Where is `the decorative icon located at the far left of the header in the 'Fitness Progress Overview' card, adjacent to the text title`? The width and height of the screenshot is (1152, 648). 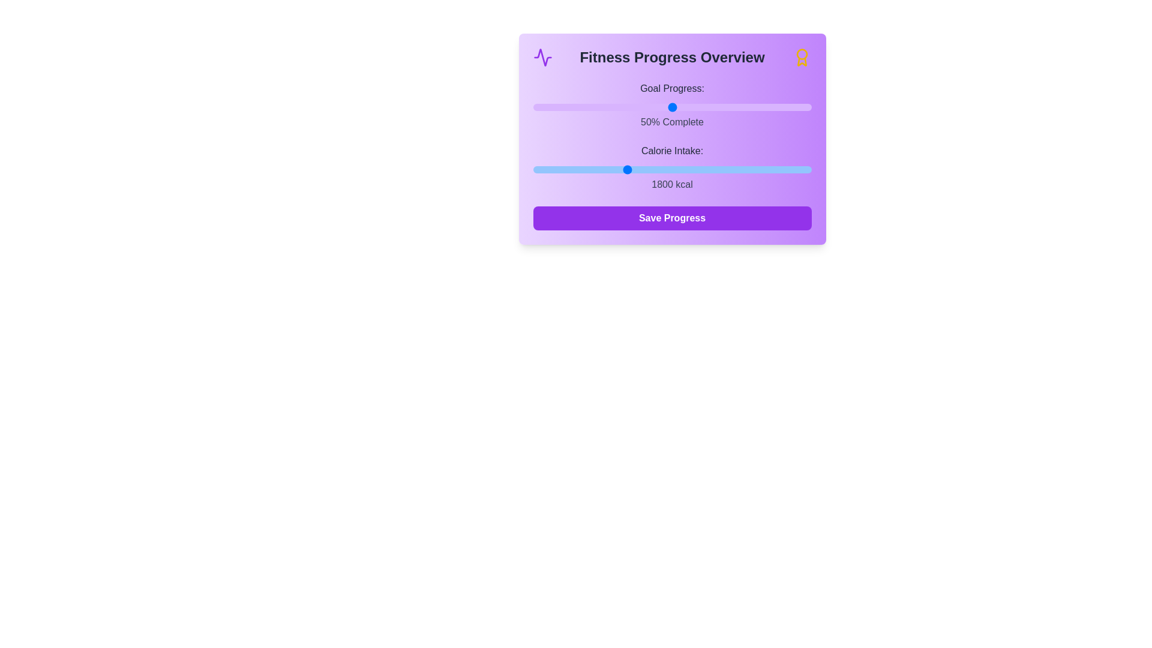 the decorative icon located at the far left of the header in the 'Fitness Progress Overview' card, adjacent to the text title is located at coordinates (542, 58).